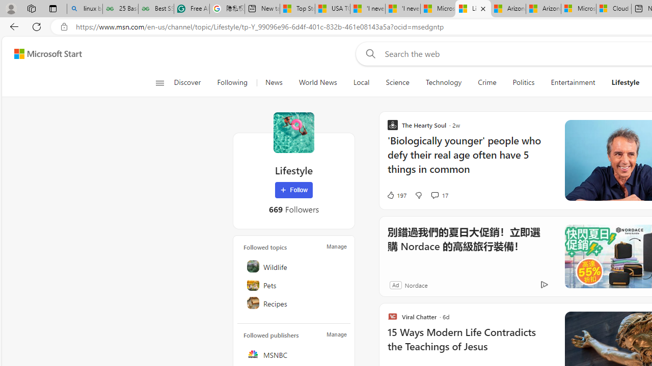  Describe the element at coordinates (472, 9) in the screenshot. I see `'Lifestyle - MSN'` at that location.